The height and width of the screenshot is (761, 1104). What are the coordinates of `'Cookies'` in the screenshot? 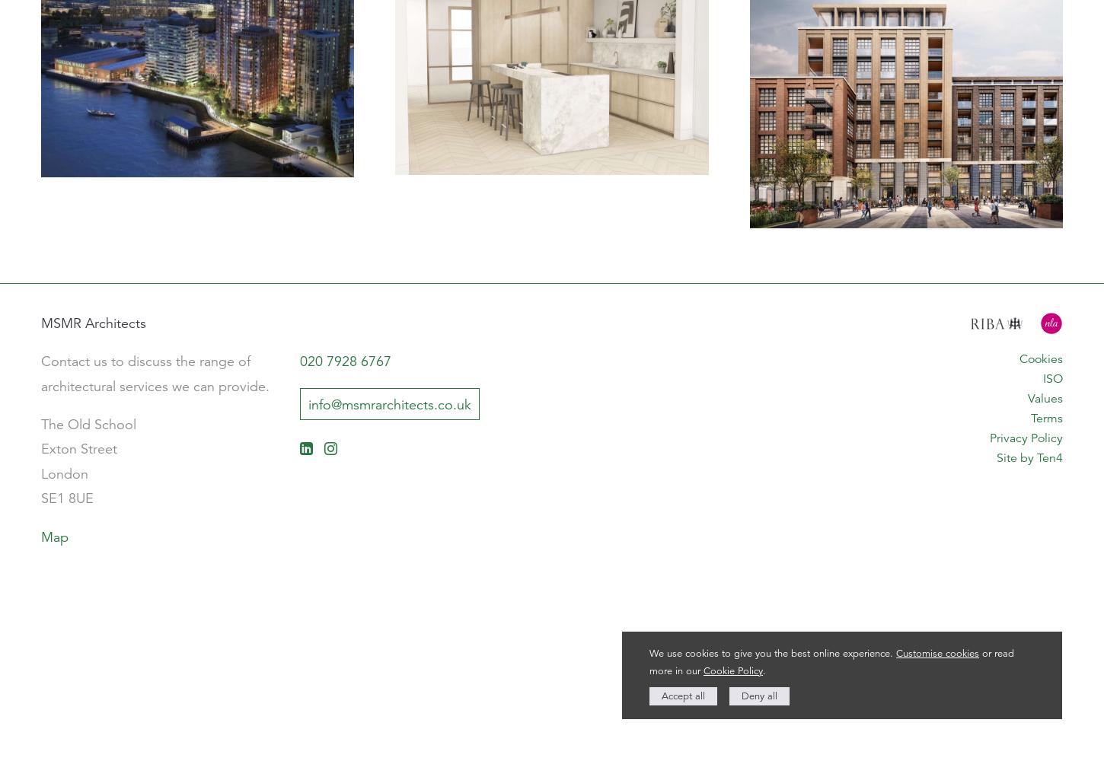 It's located at (1018, 358).